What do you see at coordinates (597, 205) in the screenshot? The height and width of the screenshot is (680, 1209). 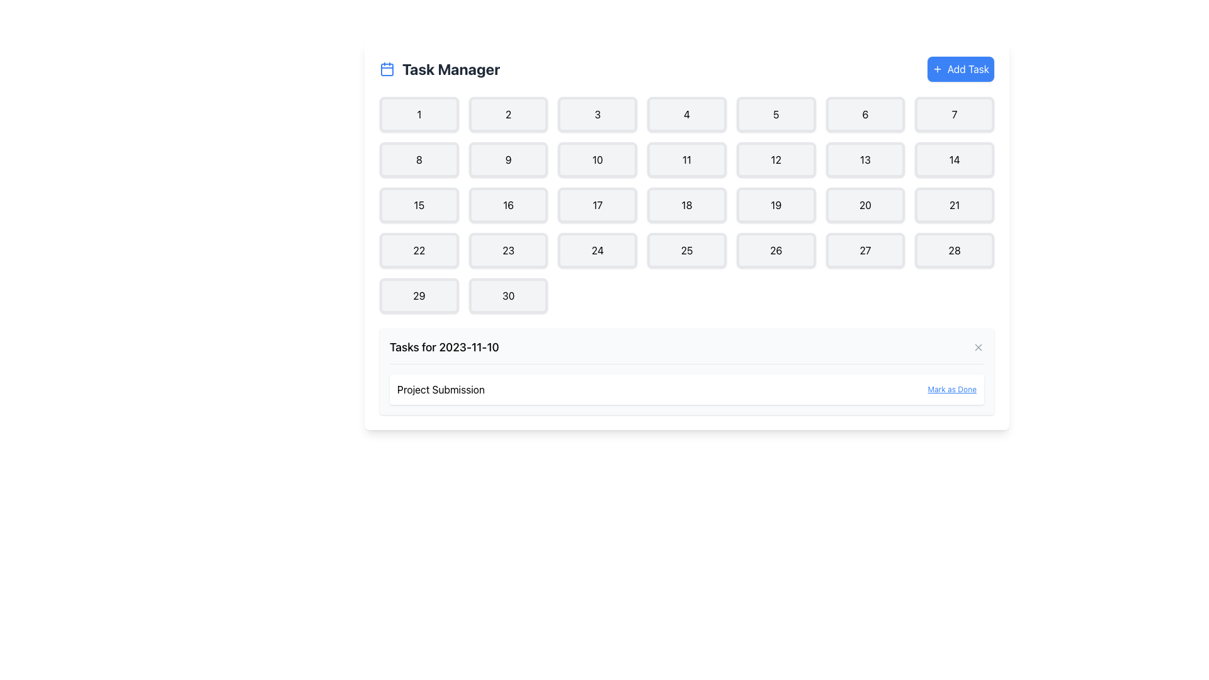 I see `the button labeled '17' with a light gray background located` at bounding box center [597, 205].